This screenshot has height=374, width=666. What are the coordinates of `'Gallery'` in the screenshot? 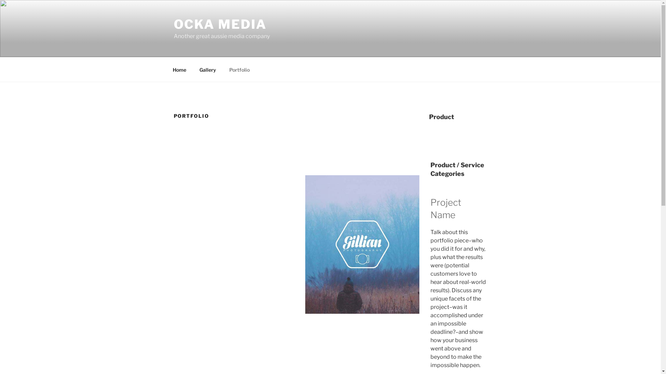 It's located at (207, 69).